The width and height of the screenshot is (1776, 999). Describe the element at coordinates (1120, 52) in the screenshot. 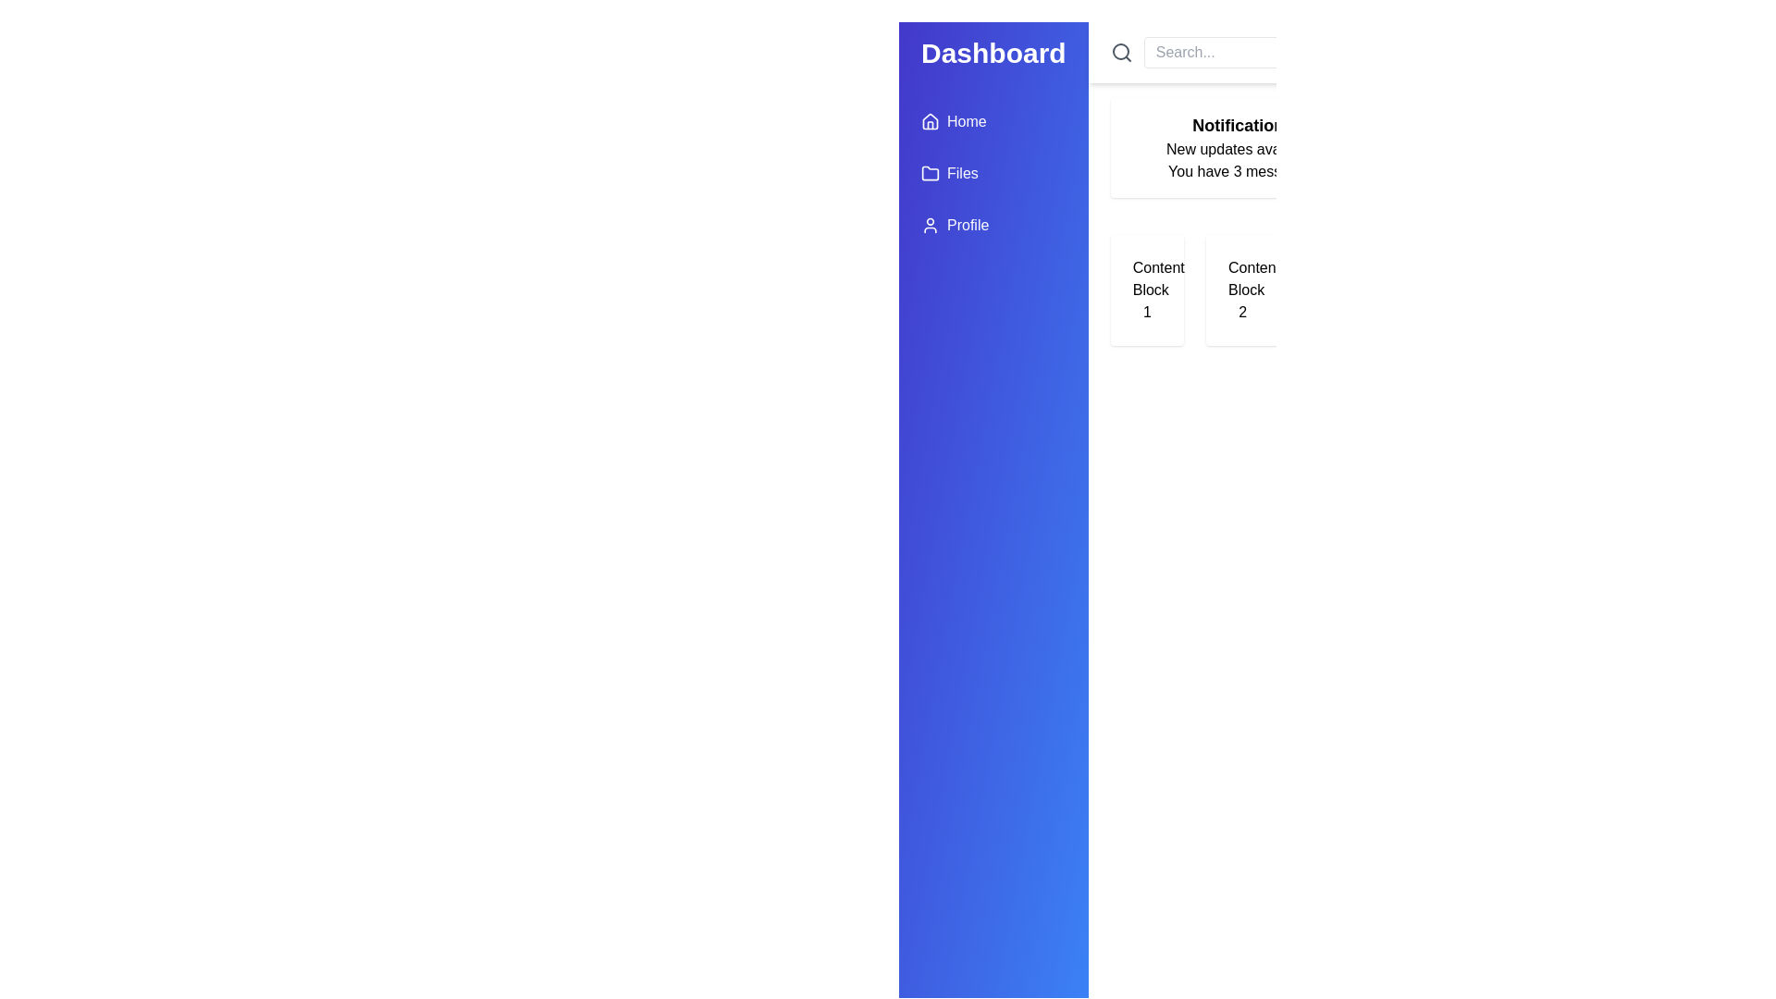

I see `the circular magnifying glass icon in the top navigation area to trigger a tooltip or visual feedback` at that location.